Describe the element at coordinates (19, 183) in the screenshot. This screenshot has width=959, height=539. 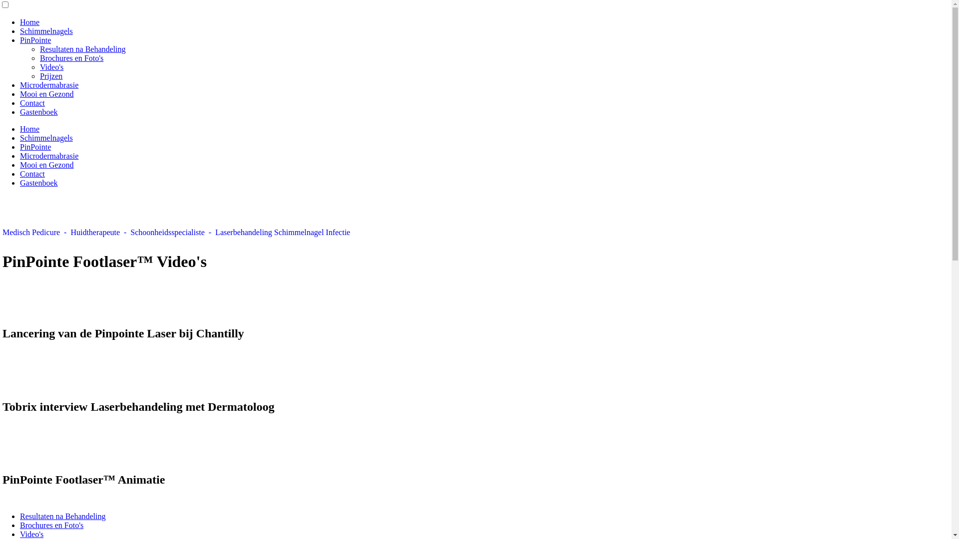
I see `'Gastenboek'` at that location.